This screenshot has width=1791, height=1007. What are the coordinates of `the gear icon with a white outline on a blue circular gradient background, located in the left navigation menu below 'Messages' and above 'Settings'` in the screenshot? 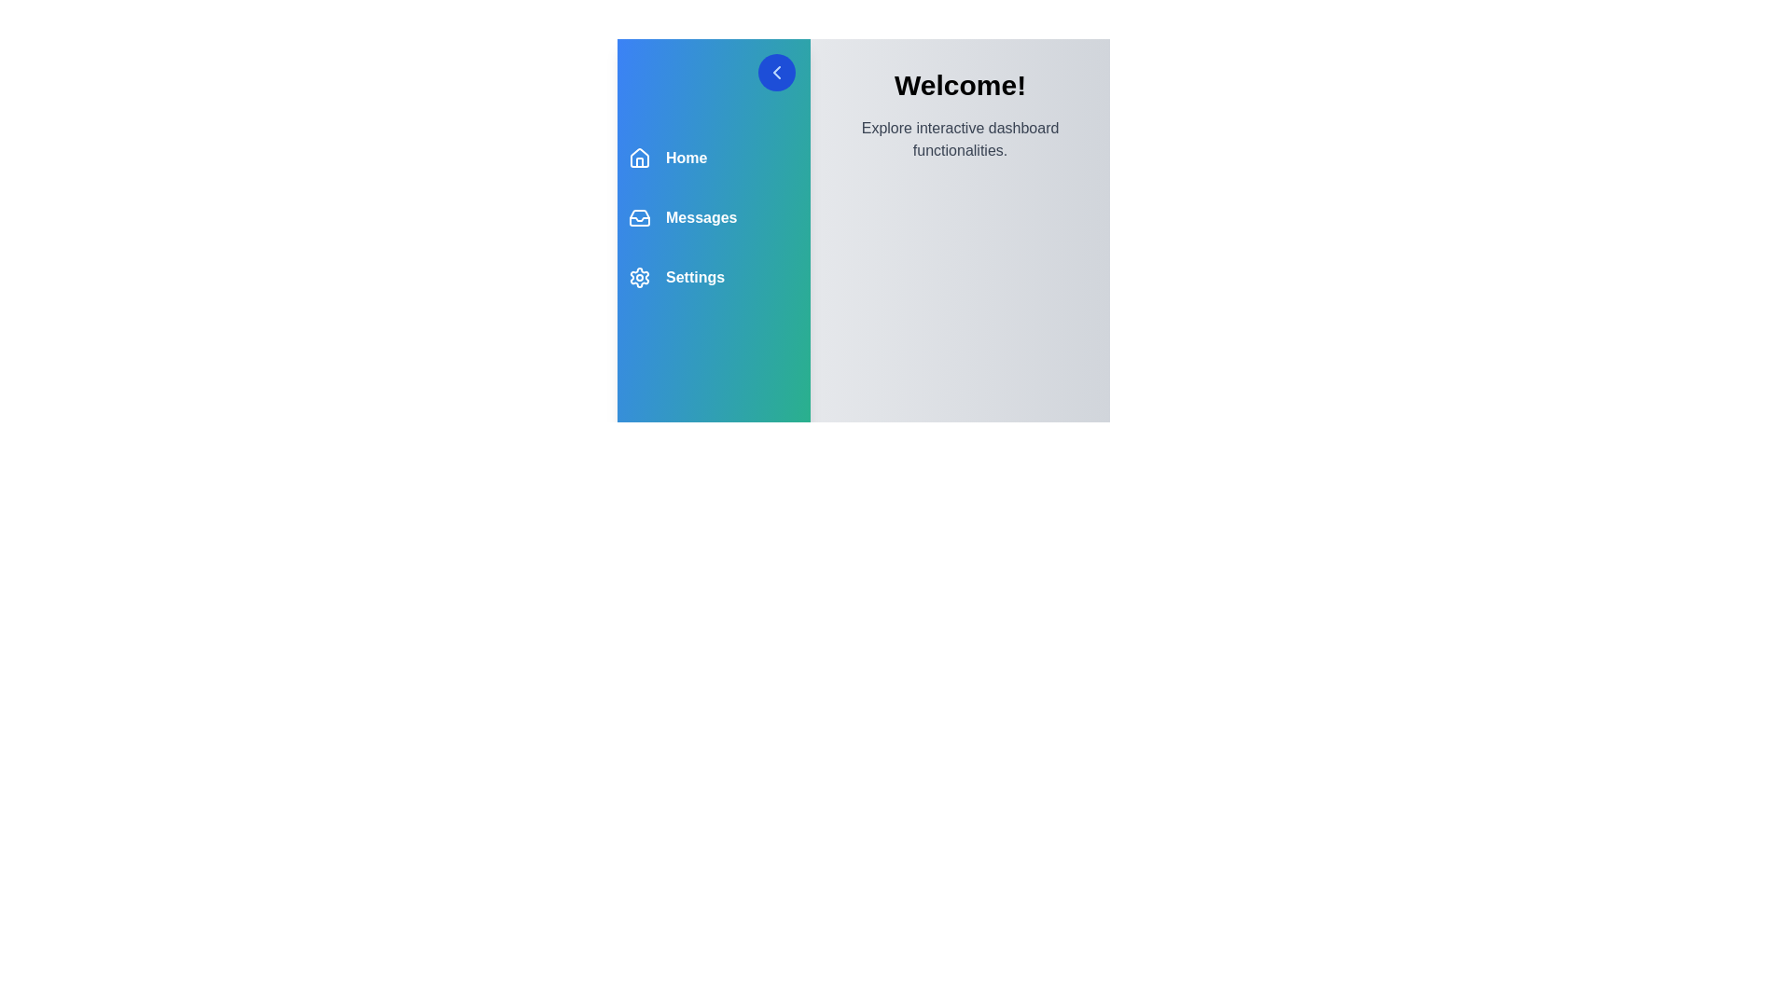 It's located at (640, 277).